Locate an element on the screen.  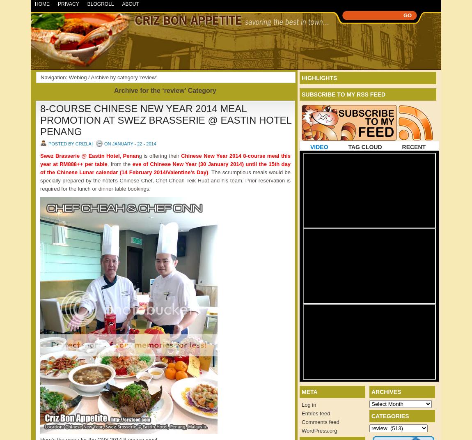
'8-COURSE CHINESE NEW YEAR 2014 MEAL PROMOTION AT SWEZ BRASSERIE @ EASTIN HOTEL PENANG' is located at coordinates (165, 120).